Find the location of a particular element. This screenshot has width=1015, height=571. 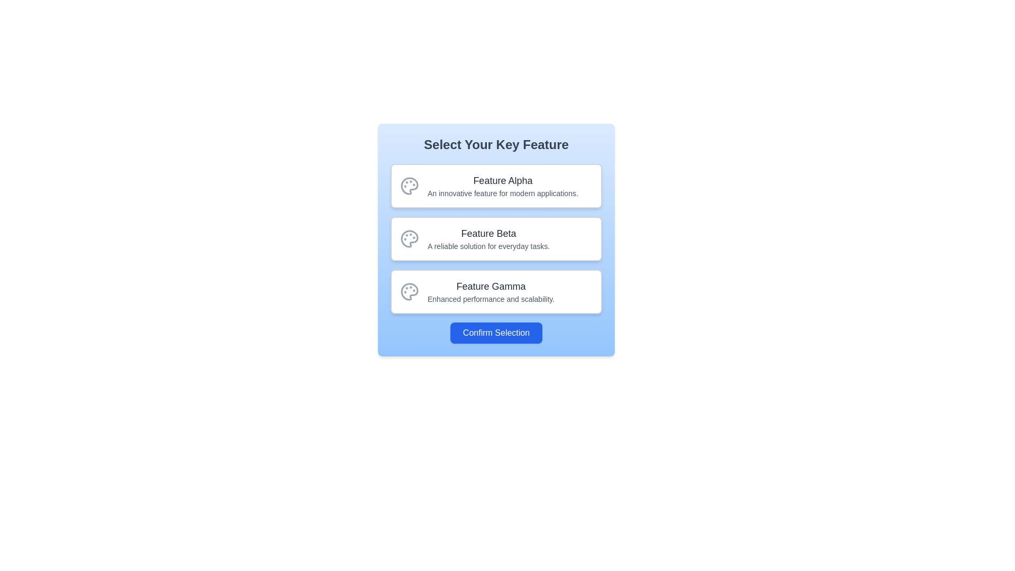

the Icon representing 'Feature Gamma' which is located to the left of the rectangular button labeled 'Feature Gamma' is located at coordinates (409, 291).